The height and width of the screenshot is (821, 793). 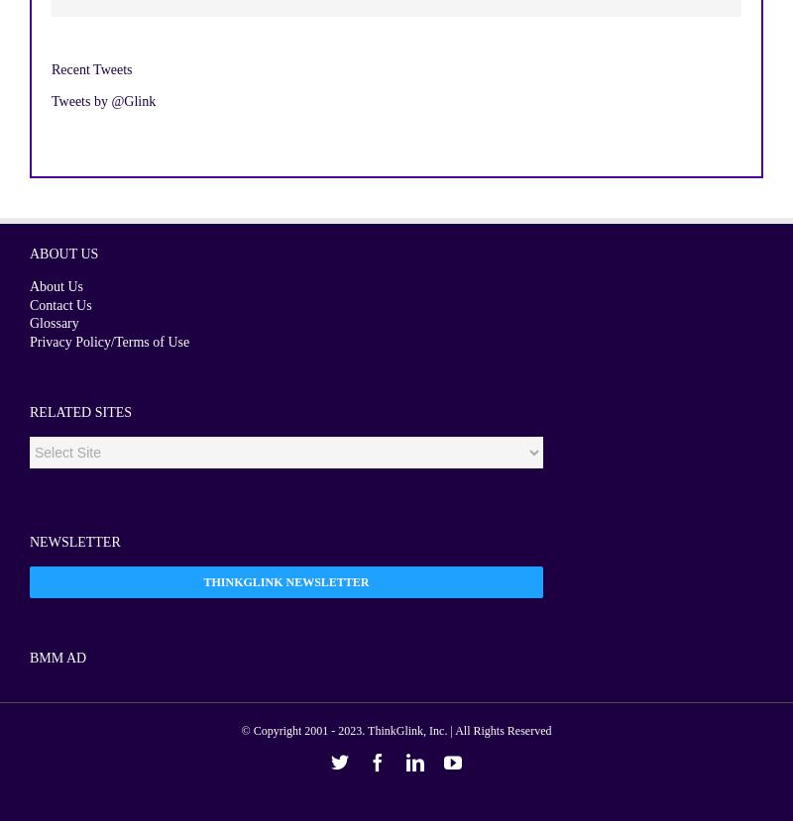 What do you see at coordinates (102, 100) in the screenshot?
I see `'Tweets by @Glink'` at bounding box center [102, 100].